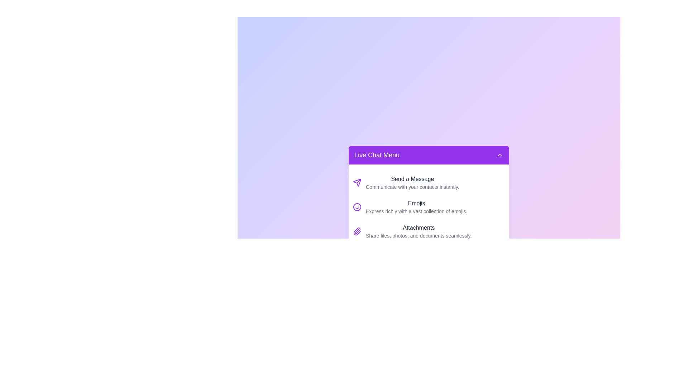  I want to click on the menu item corresponding to Attachments, so click(429, 231).